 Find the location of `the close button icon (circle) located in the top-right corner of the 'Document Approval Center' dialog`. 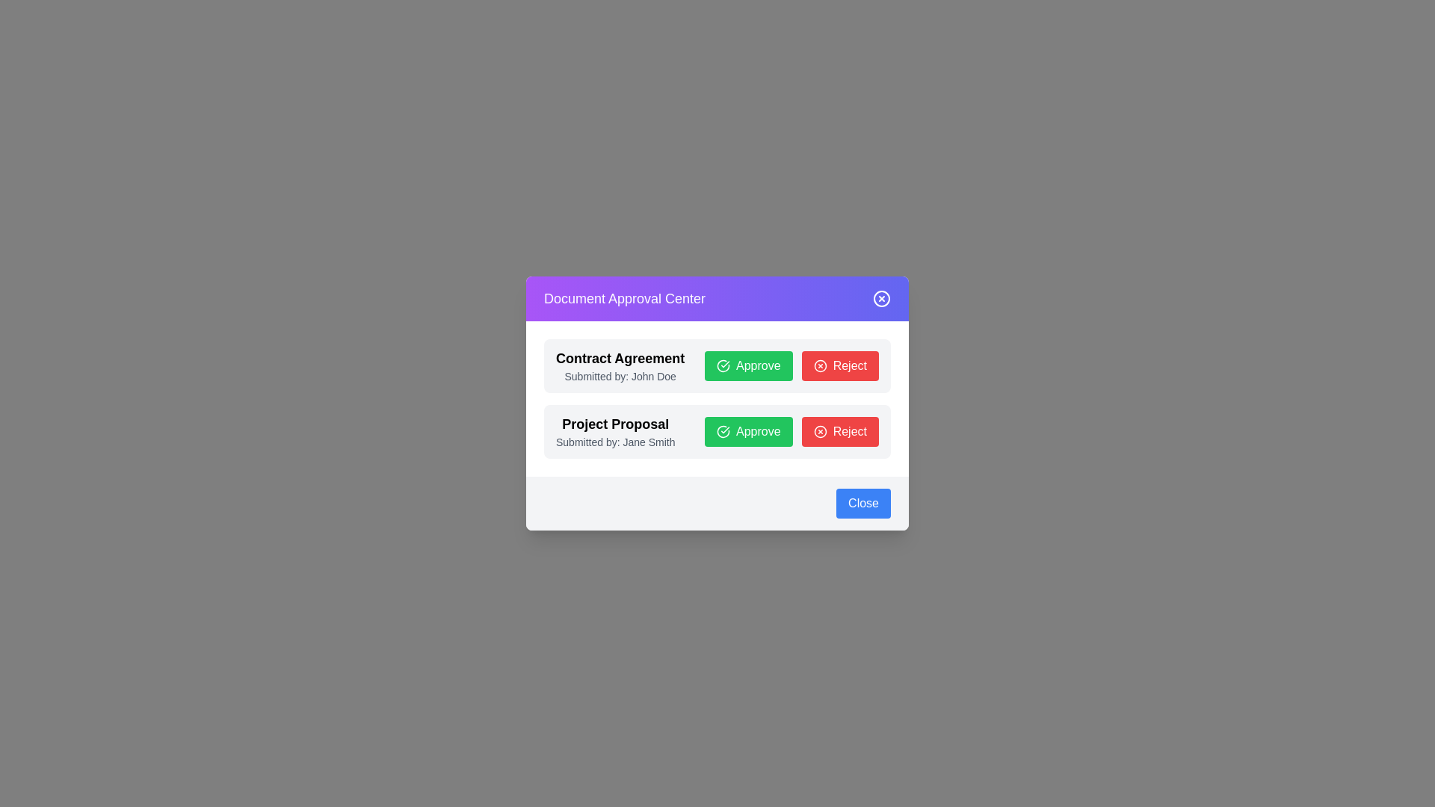

the close button icon (circle) located in the top-right corner of the 'Document Approval Center' dialog is located at coordinates (819, 365).